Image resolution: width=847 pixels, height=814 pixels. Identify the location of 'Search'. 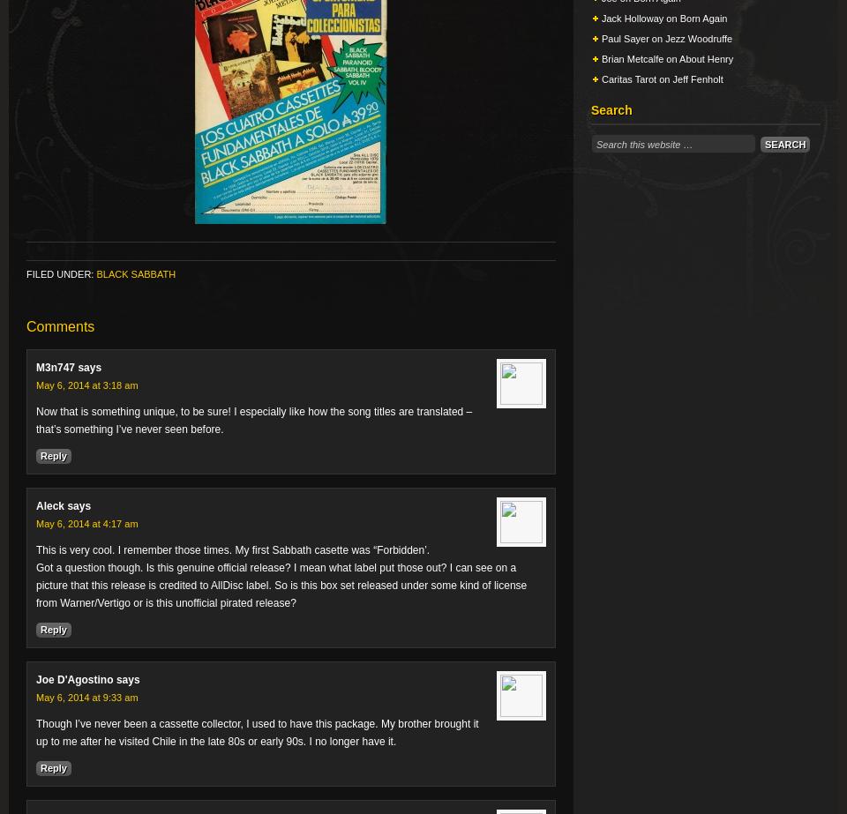
(611, 109).